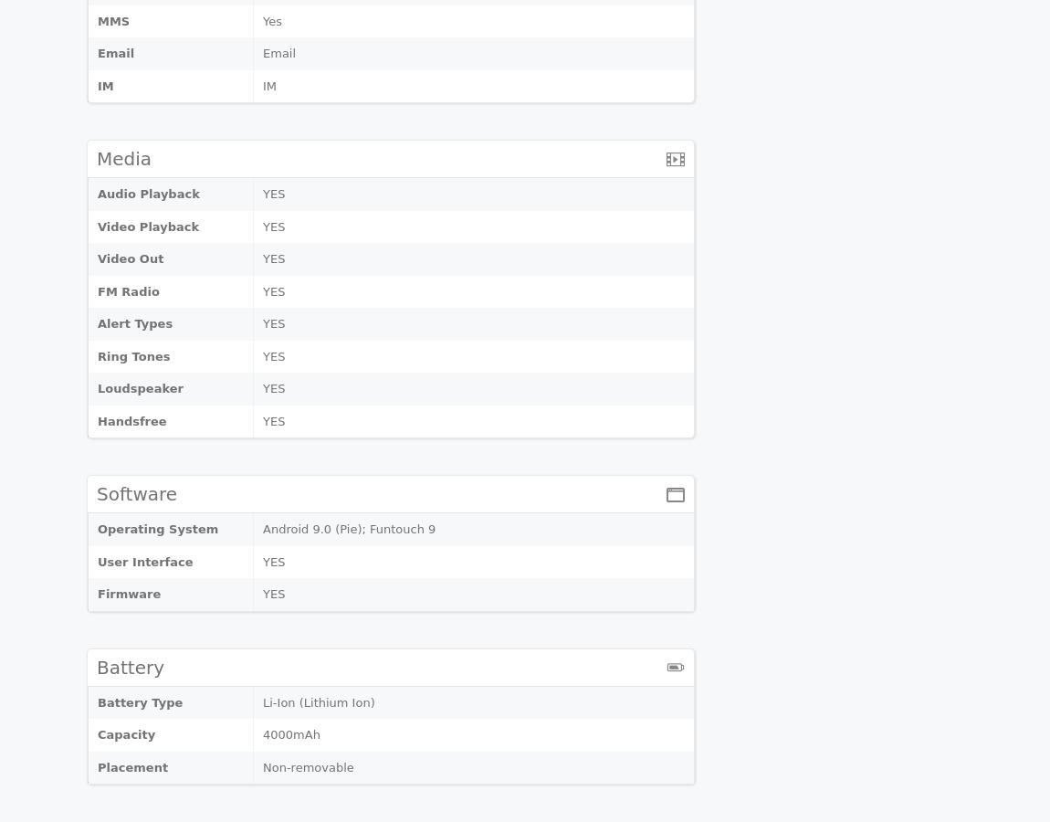 This screenshot has height=822, width=1050. Describe the element at coordinates (261, 529) in the screenshot. I see `'Android 9.0 (Pie); Funtouch 9'` at that location.